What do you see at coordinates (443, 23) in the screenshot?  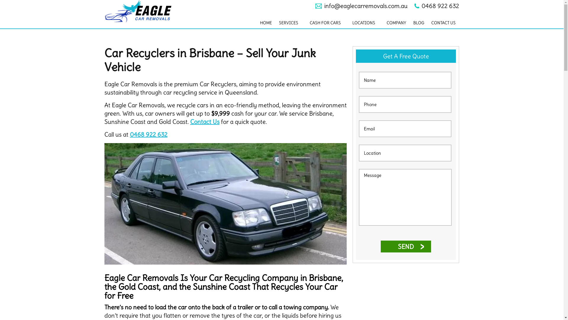 I see `'CONTACT US'` at bounding box center [443, 23].